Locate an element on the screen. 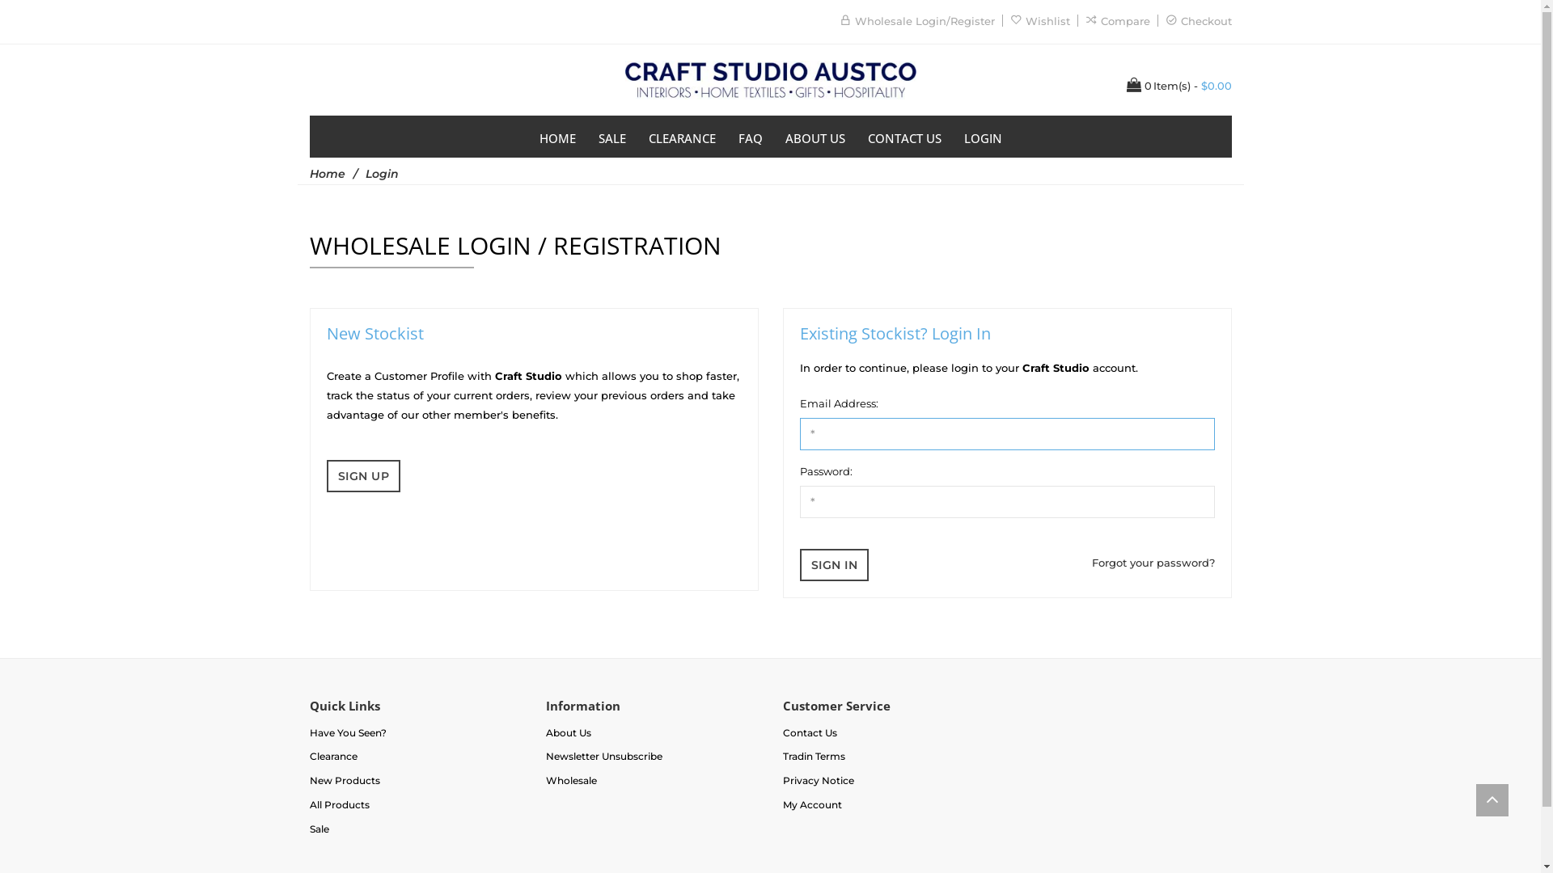 This screenshot has height=873, width=1553. 'FAQ' is located at coordinates (748, 136).